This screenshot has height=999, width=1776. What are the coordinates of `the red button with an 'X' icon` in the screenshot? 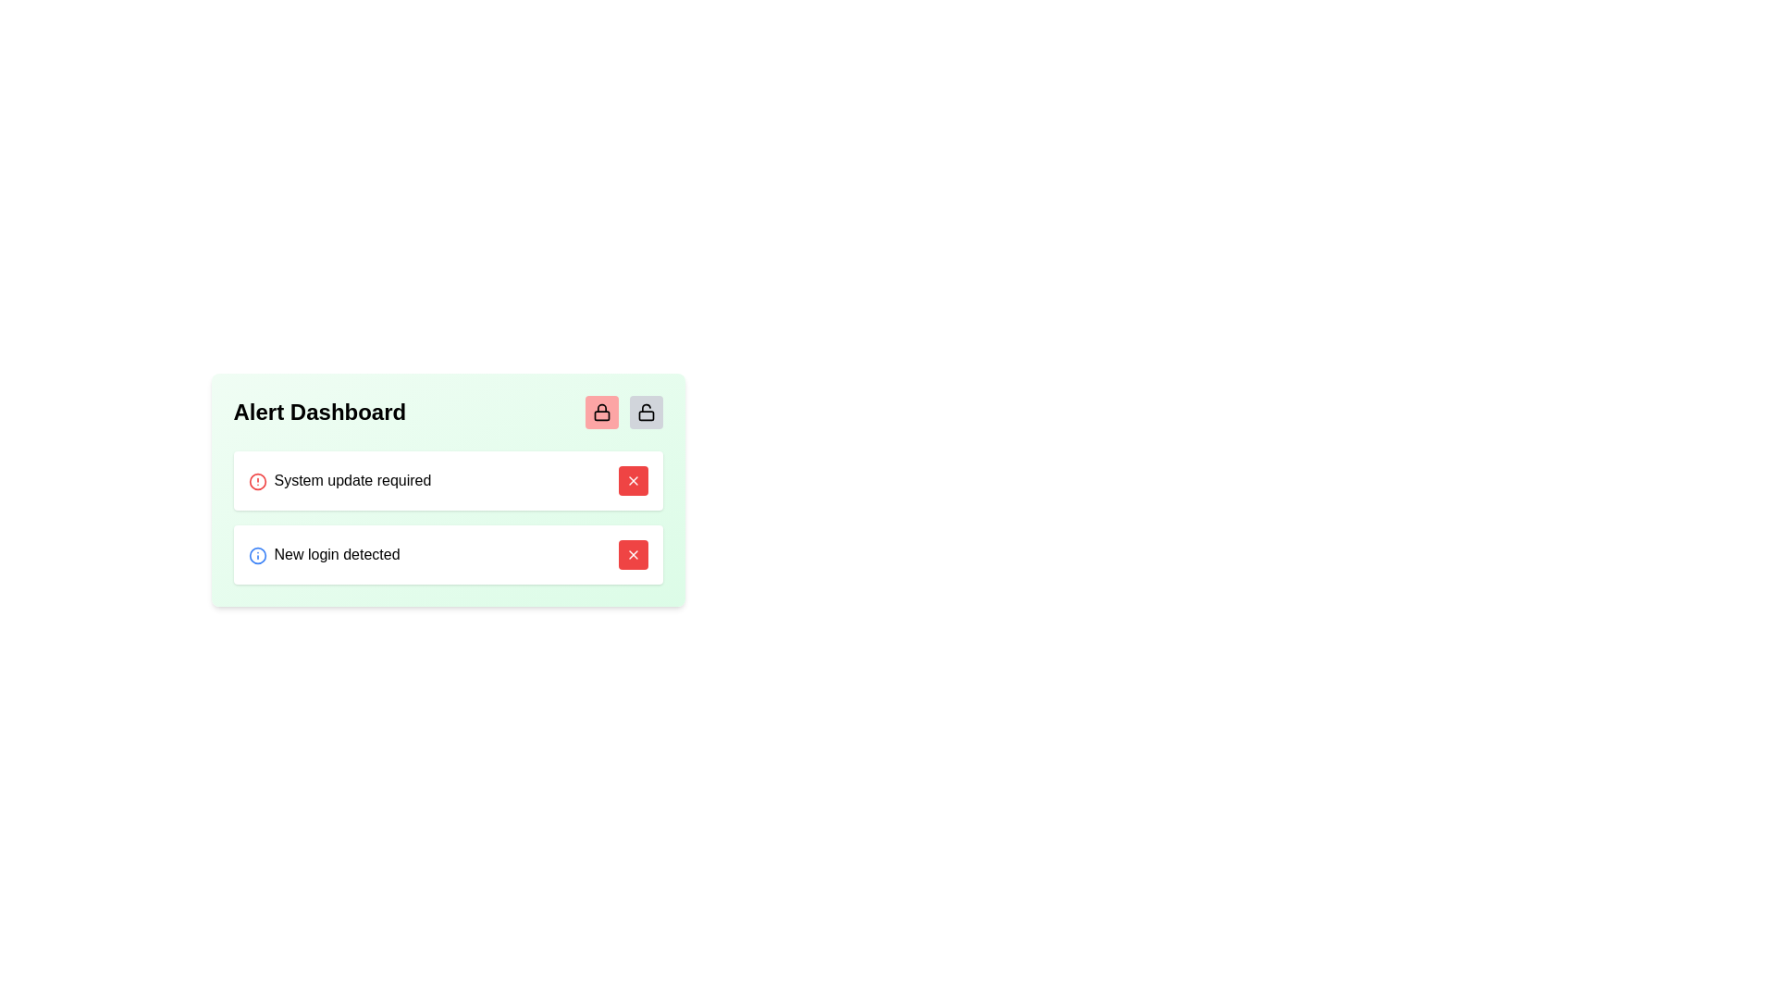 It's located at (633, 554).